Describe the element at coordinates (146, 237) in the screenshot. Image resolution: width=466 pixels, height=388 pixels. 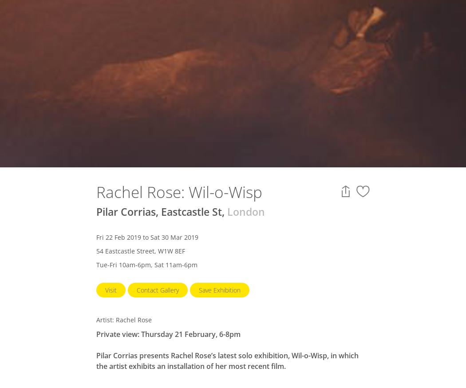
I see `'Fri 22 Feb 2019 to Sat 30 Mar 2019'` at that location.